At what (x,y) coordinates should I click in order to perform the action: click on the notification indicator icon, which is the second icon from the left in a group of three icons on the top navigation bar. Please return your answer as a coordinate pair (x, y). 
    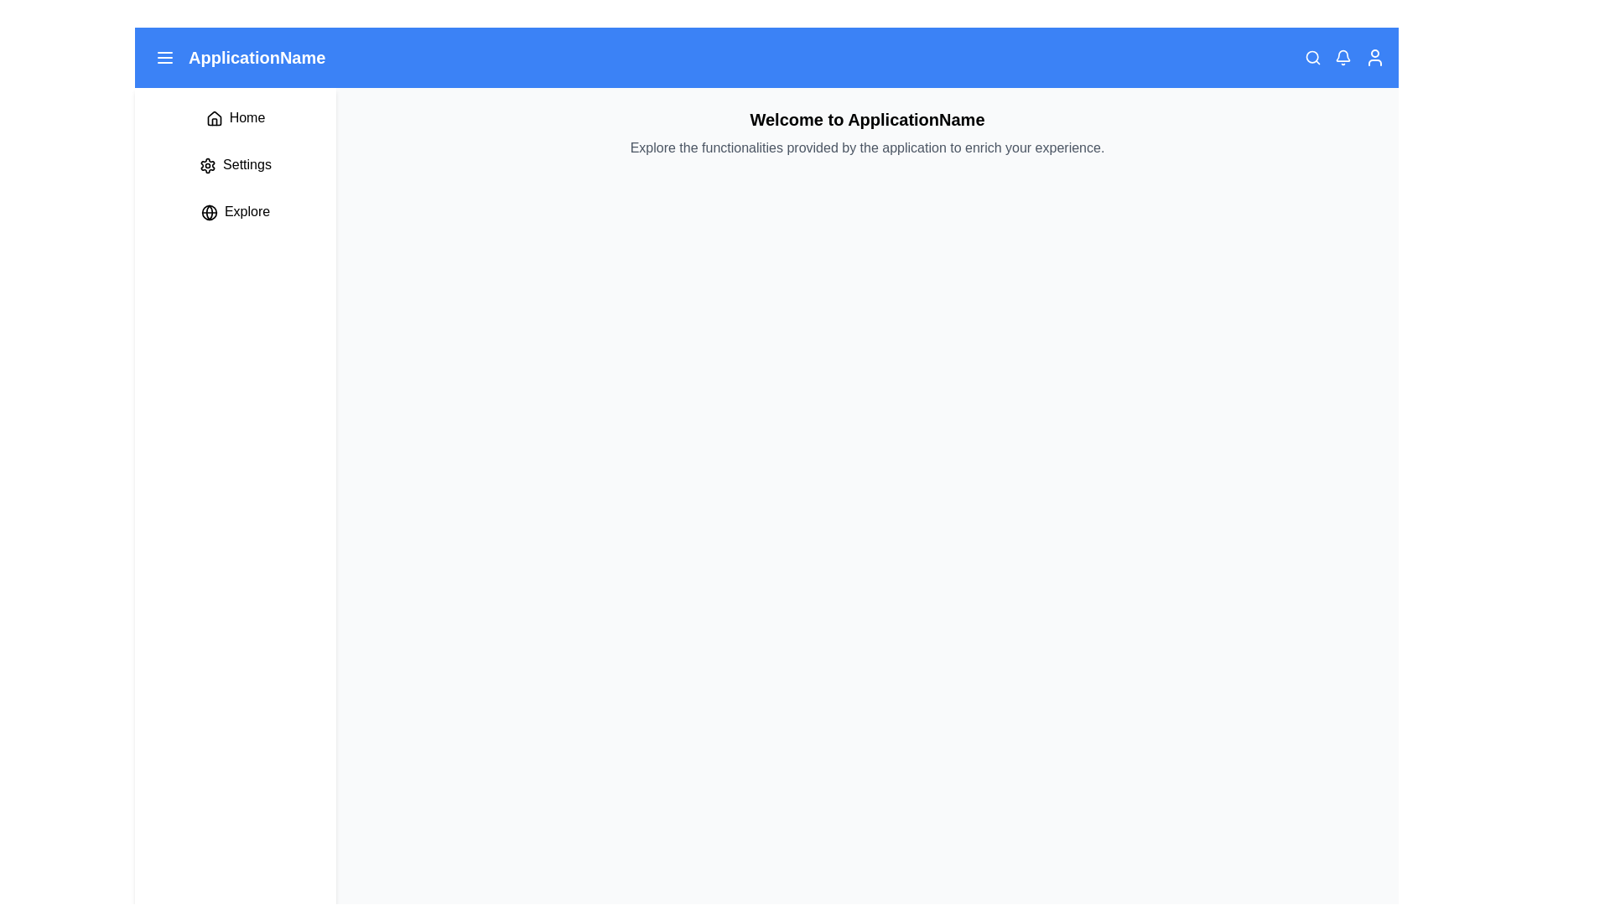
    Looking at the image, I should click on (1344, 57).